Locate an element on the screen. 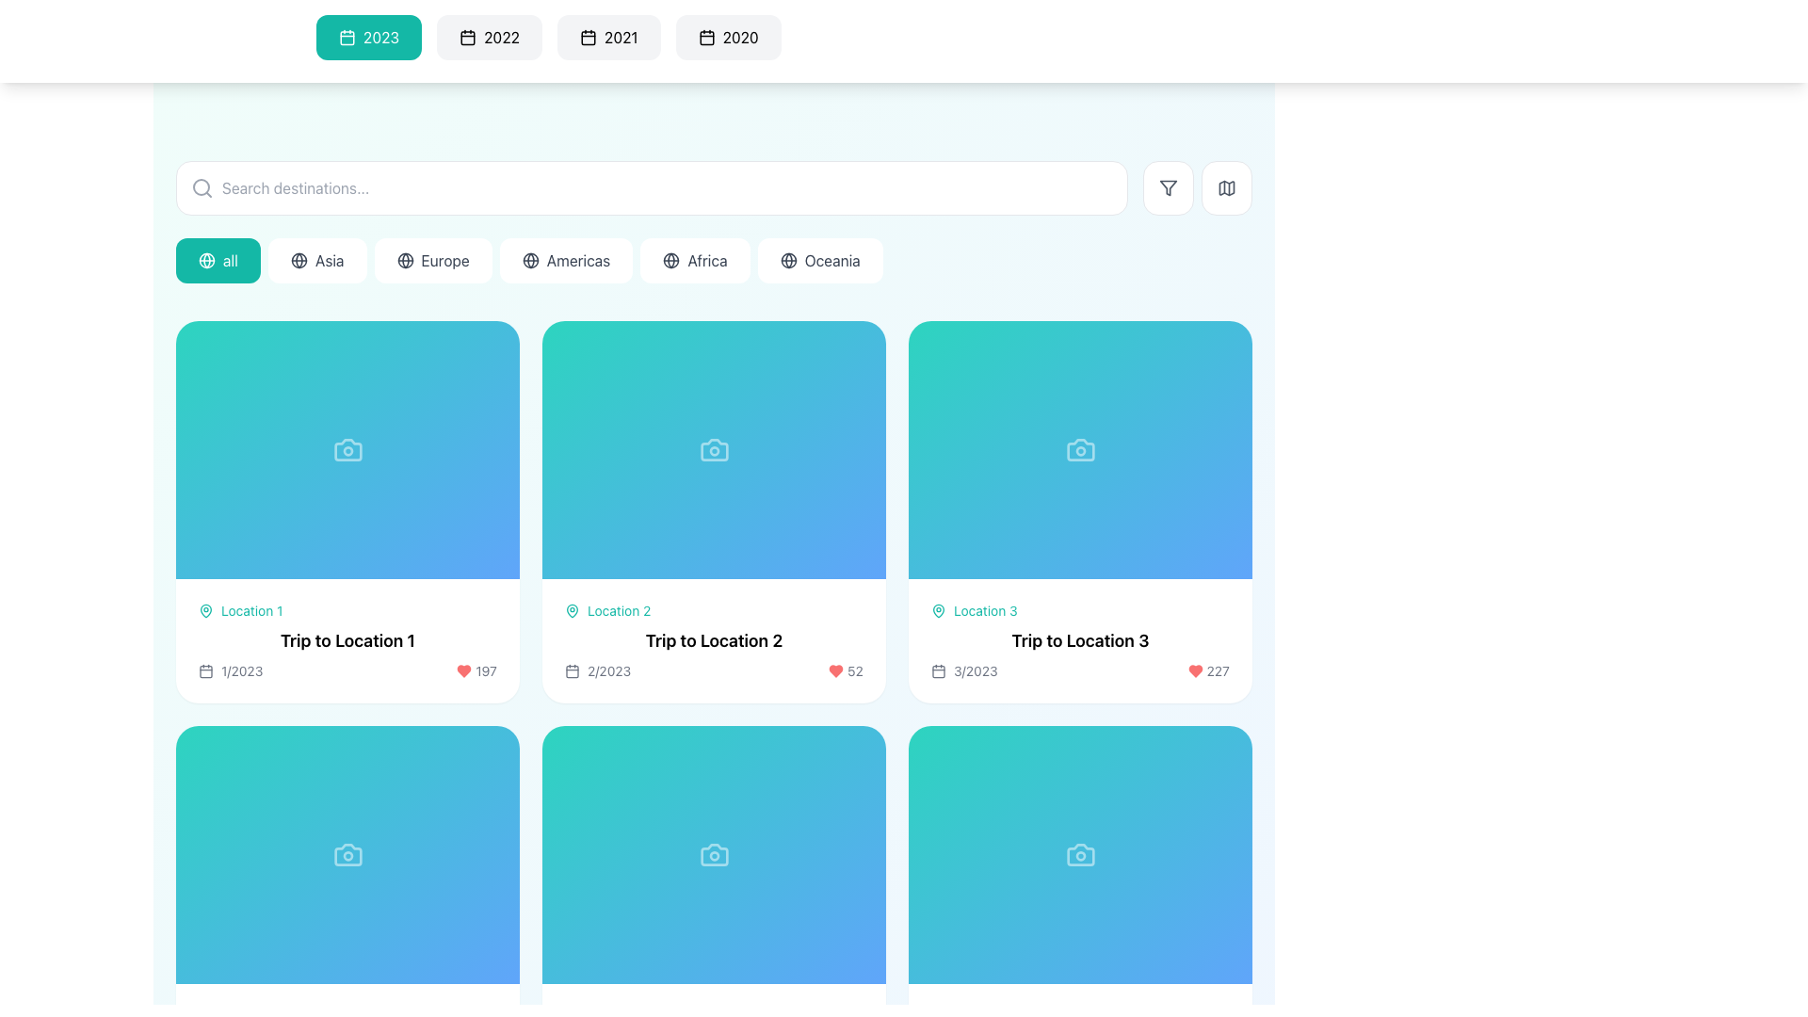  the graphical placeholder located at the upper part of the first card in a grid layout, which is associated with 'Location 1' and 'Trip to Location 1' is located at coordinates (347, 449).